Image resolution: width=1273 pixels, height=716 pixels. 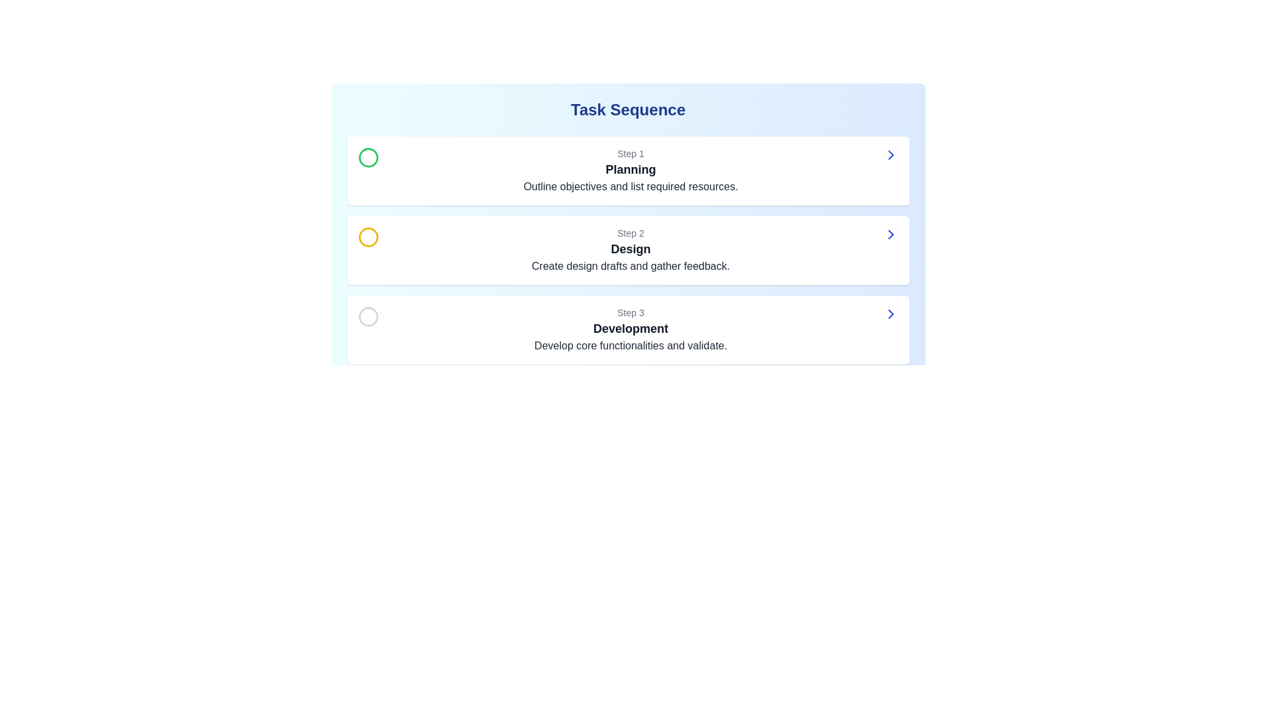 What do you see at coordinates (630, 328) in the screenshot?
I see `the static text header for the Step 3 section, which indicates the content's topic and is positioned between the 'Step 3' label and the descriptive text below it` at bounding box center [630, 328].